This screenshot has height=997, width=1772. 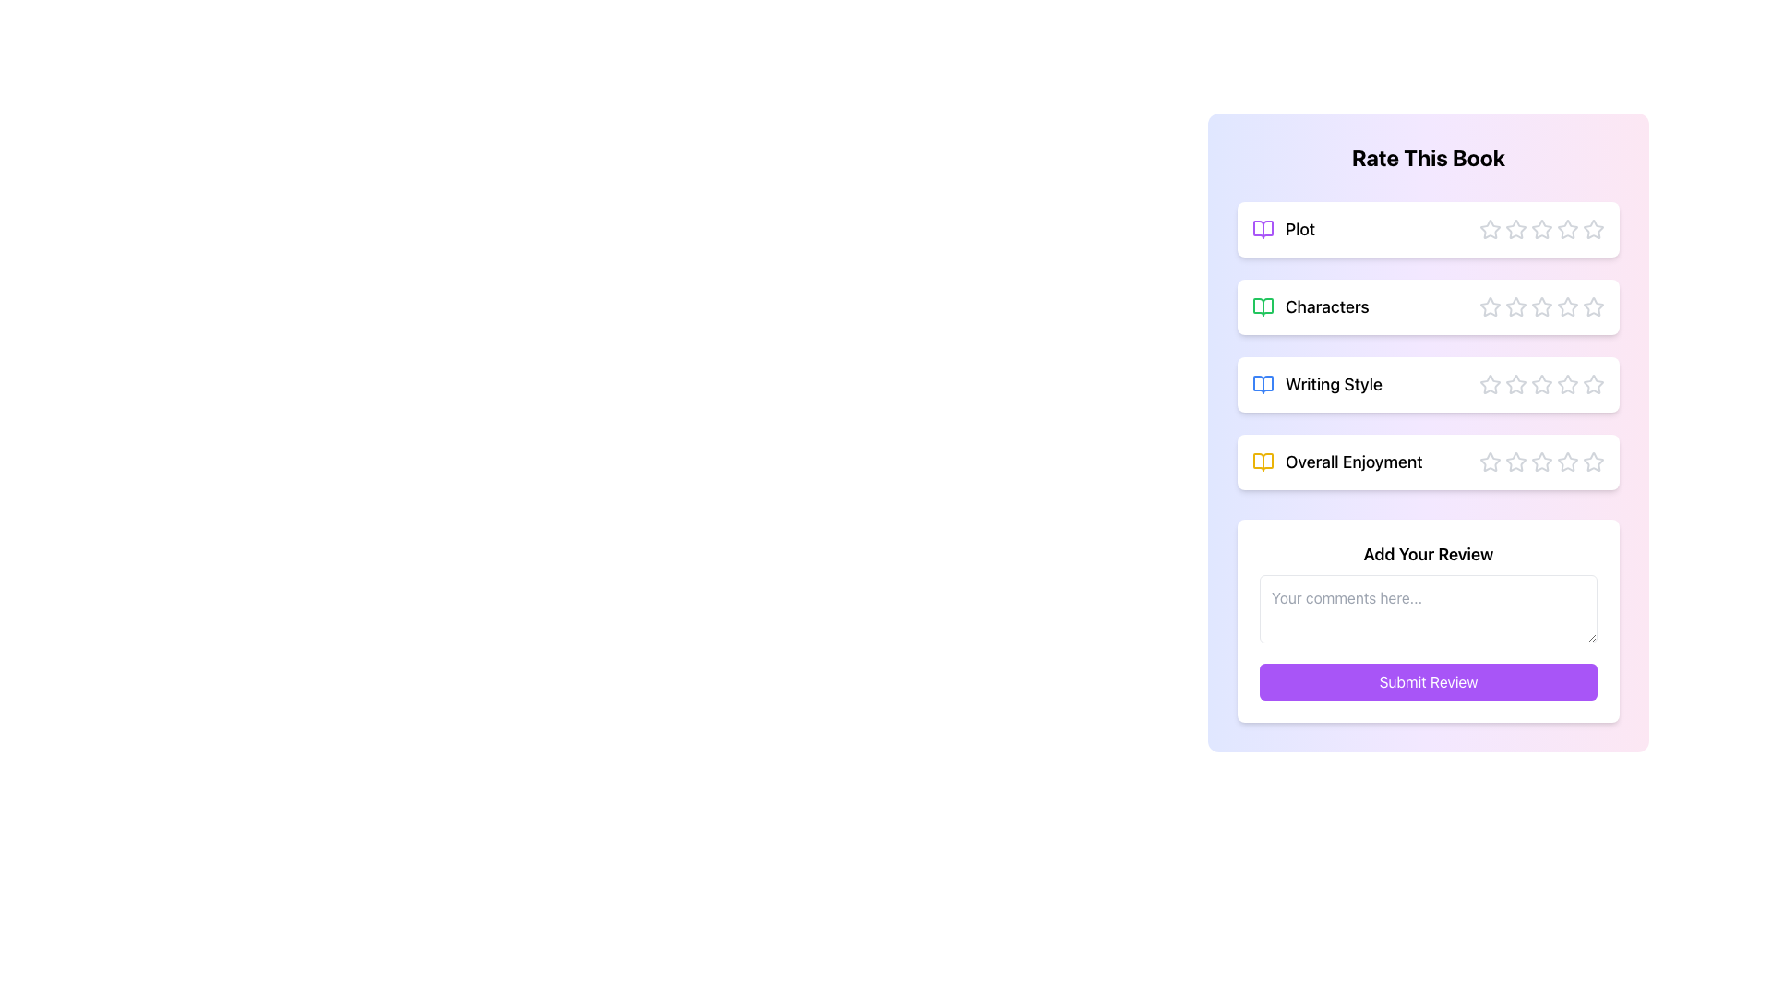 I want to click on the fifth rating star icon in the 'Overall Enjoyment' section to provide a rating, so click(x=1593, y=462).